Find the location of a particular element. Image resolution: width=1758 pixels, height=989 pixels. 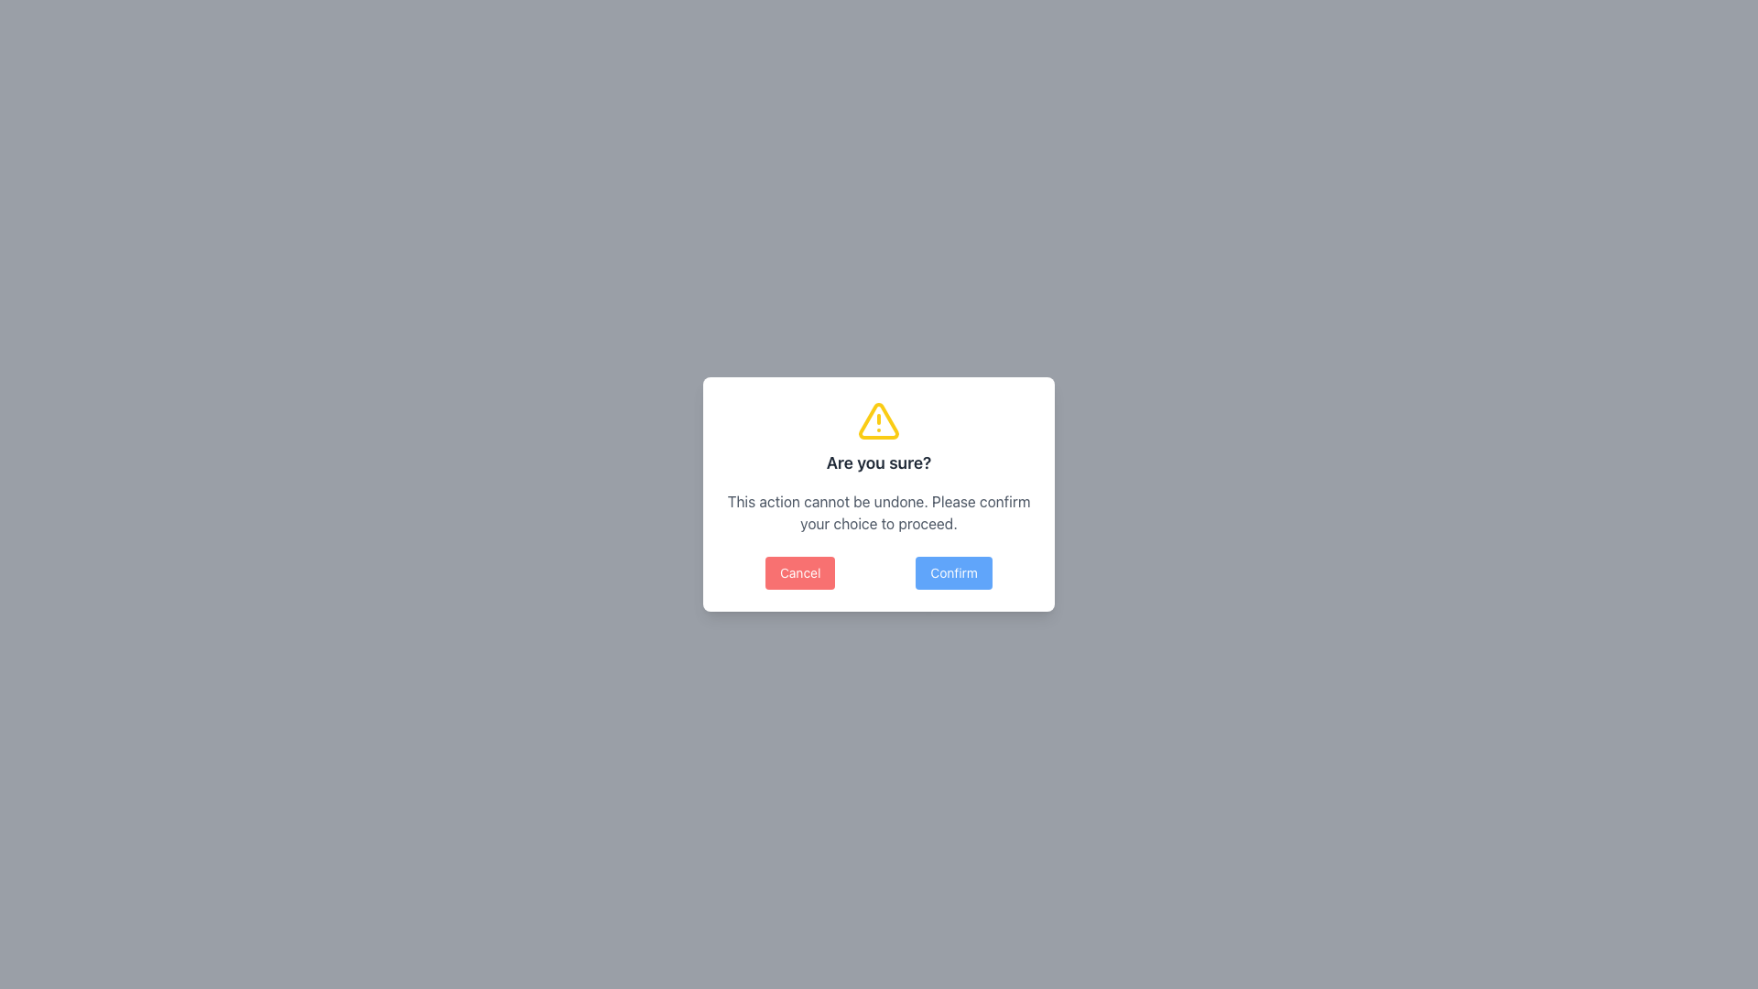

warning text element located in the modal dialog box, which provides context about irreversible actions, for accessibility compliance is located at coordinates (879, 512).